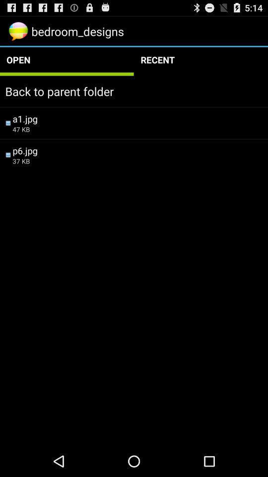  I want to click on icon below the p6.jpg item, so click(137, 161).